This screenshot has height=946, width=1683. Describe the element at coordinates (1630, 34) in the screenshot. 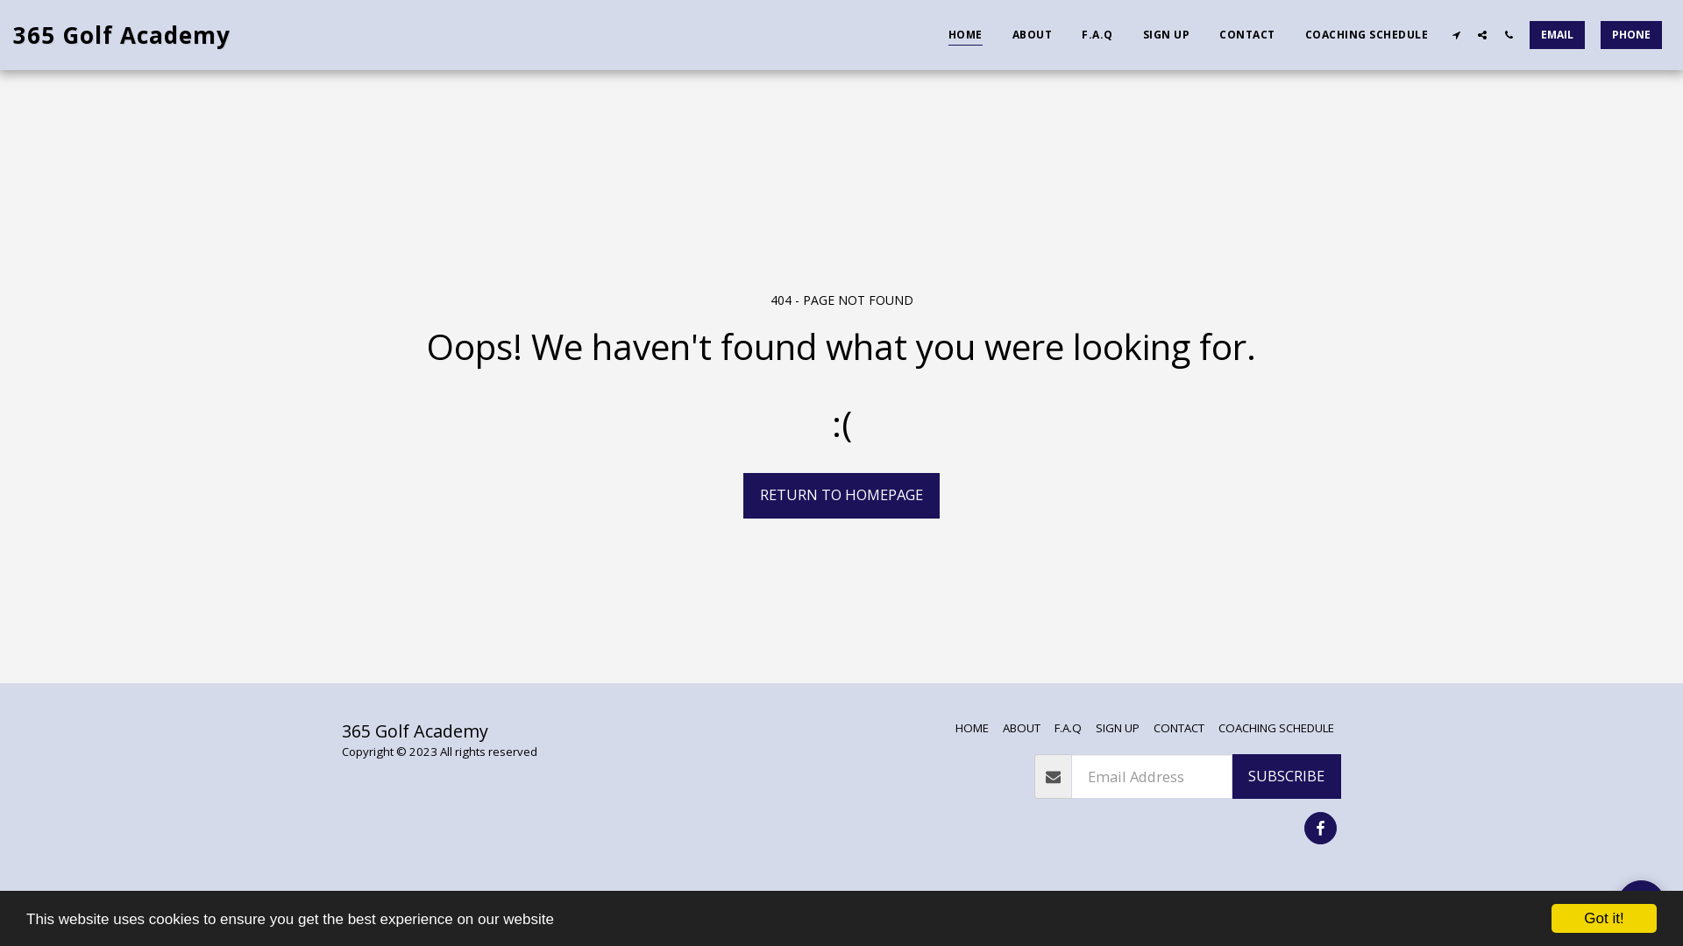

I see `'PHONE'` at that location.